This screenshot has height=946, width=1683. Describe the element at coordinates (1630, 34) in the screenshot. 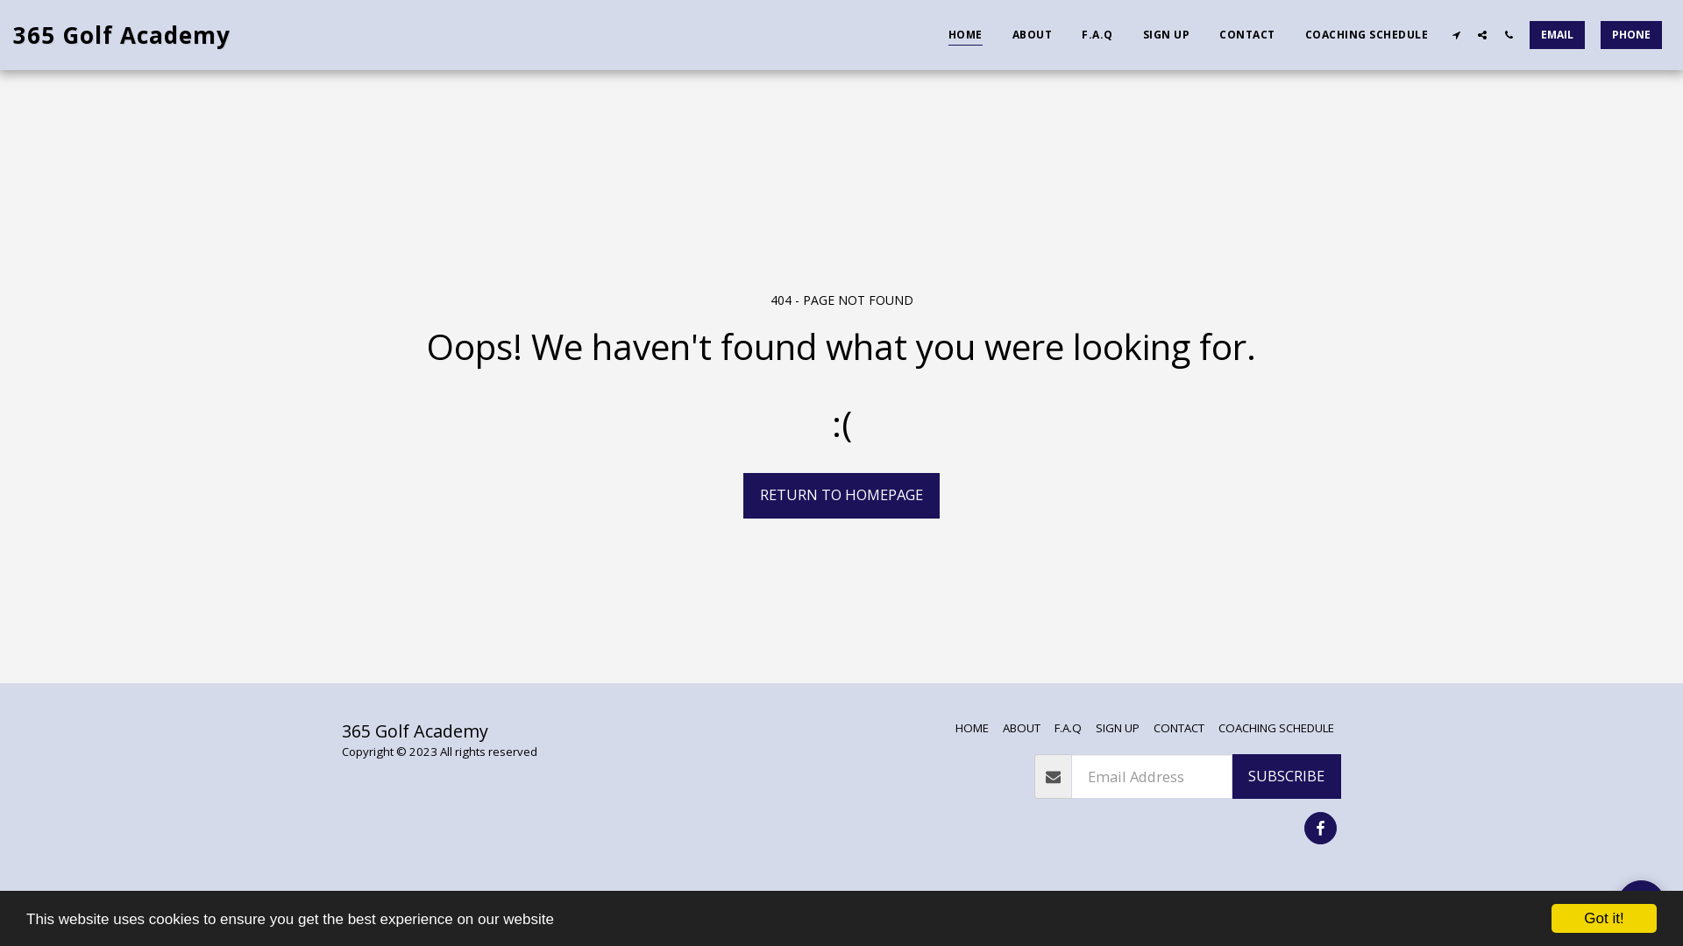

I see `'PHONE'` at that location.